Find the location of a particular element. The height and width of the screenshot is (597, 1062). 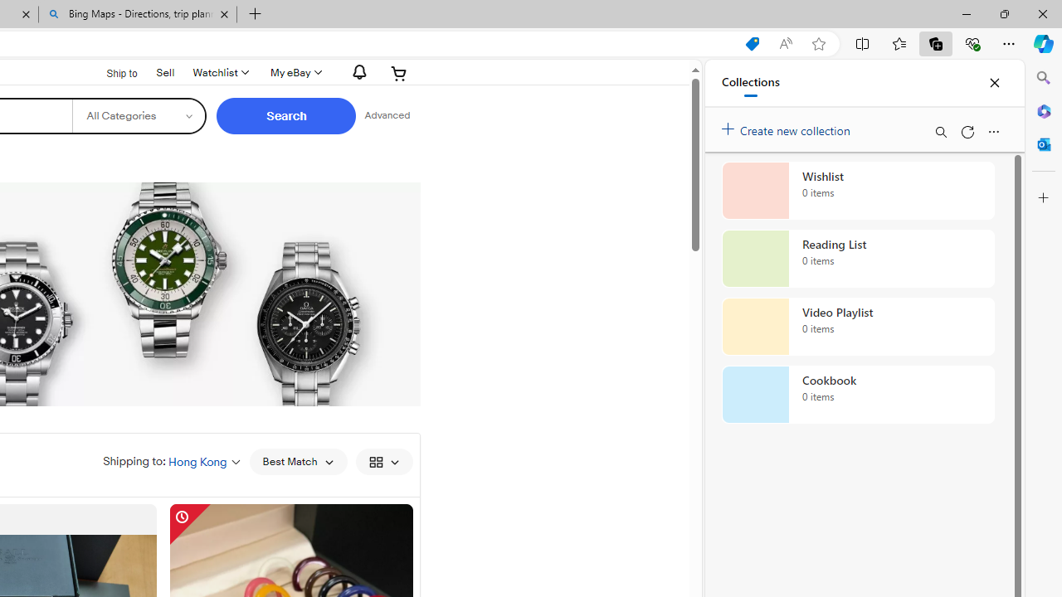

'Reading List collection, 0 items' is located at coordinates (858, 259).